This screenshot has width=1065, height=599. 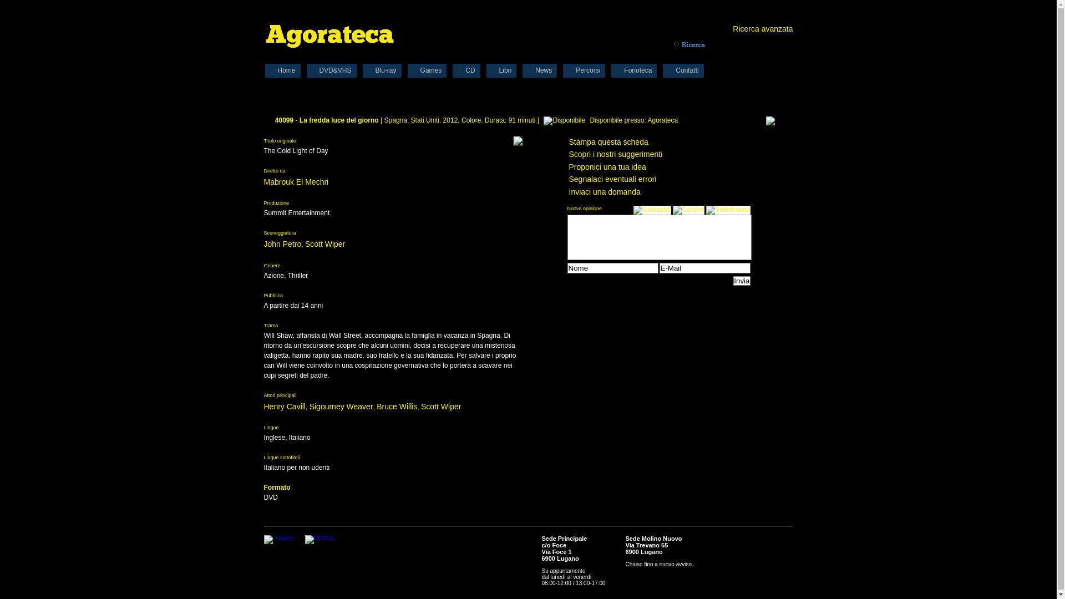 I want to click on 'Invia', so click(x=742, y=280).